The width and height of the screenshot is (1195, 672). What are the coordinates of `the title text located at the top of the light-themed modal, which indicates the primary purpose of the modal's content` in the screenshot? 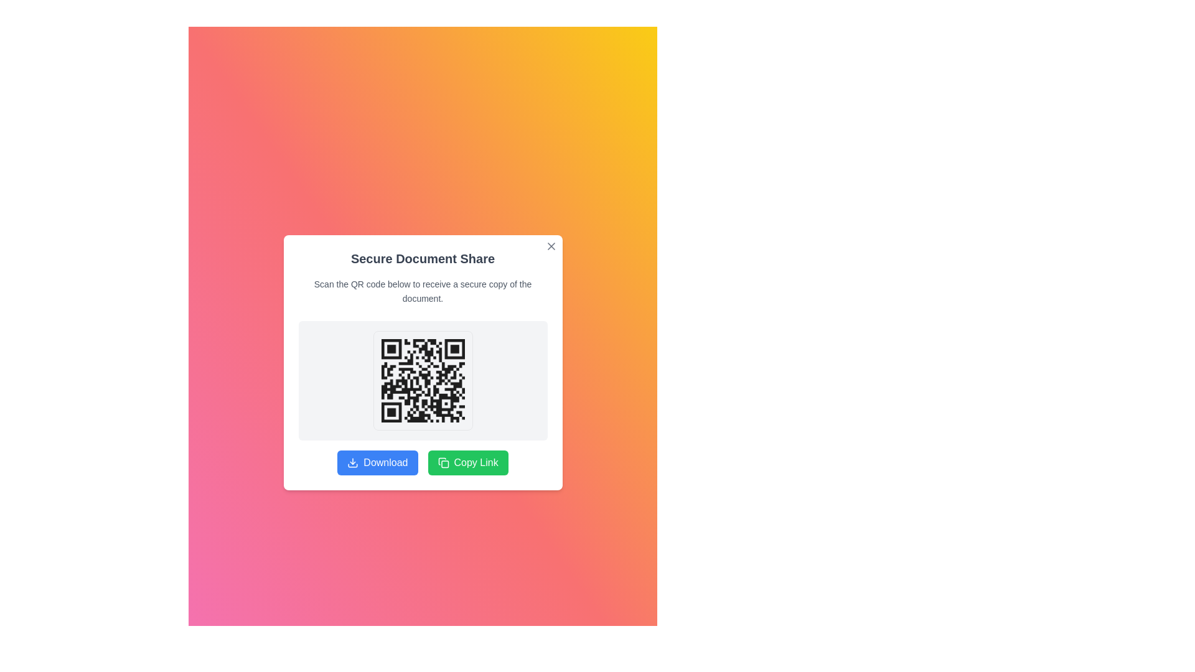 It's located at (423, 258).